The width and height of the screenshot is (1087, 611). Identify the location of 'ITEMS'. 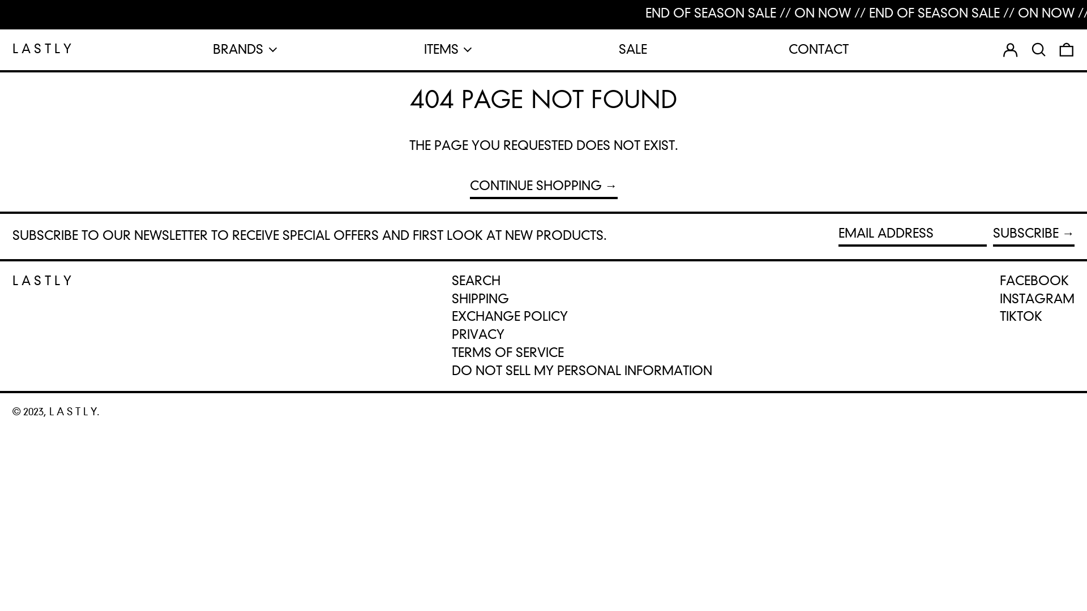
(450, 49).